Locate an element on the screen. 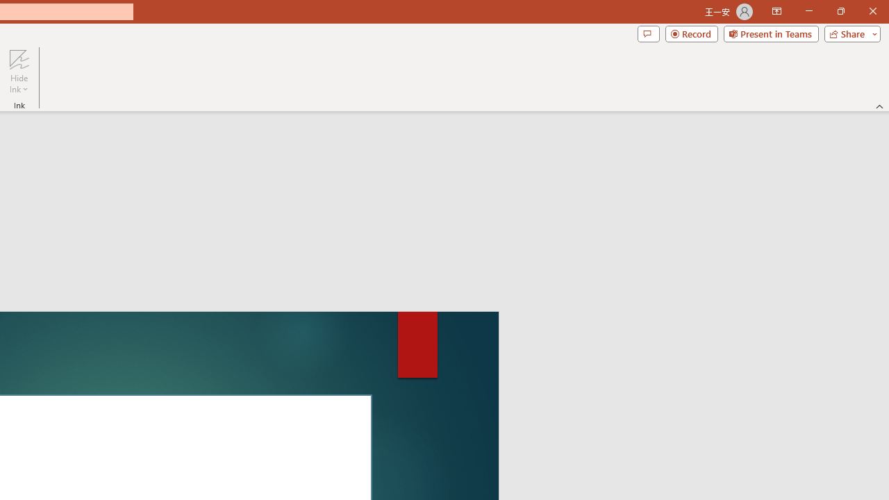 The image size is (889, 500). 'Minimize' is located at coordinates (808, 11).